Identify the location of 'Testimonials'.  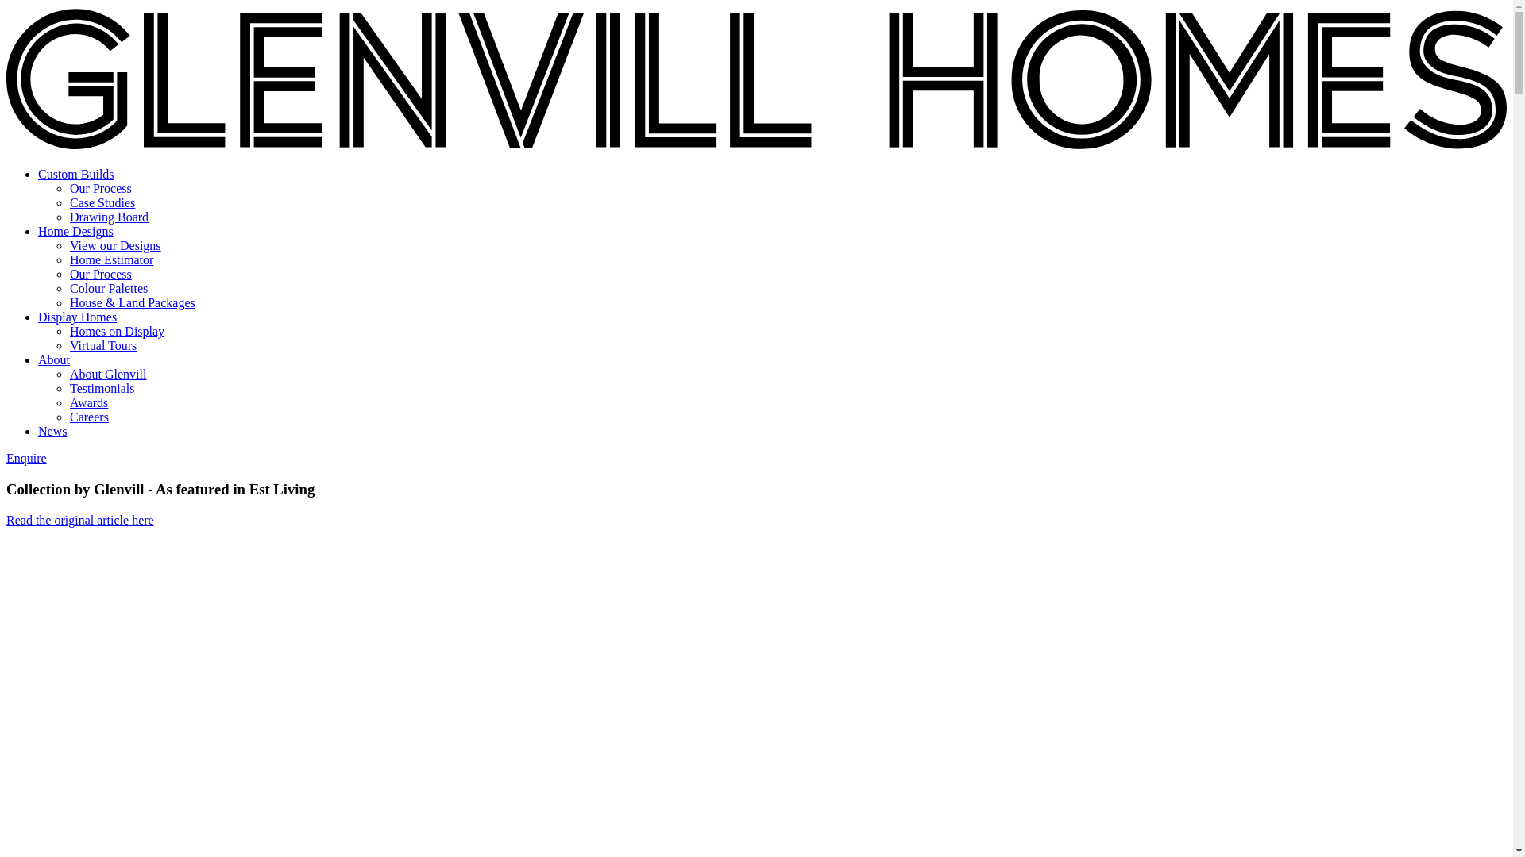
(102, 388).